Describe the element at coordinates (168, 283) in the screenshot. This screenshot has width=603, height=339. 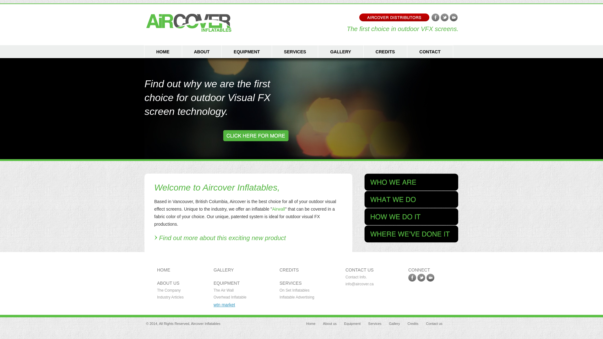
I see `'ABOUT US'` at that location.